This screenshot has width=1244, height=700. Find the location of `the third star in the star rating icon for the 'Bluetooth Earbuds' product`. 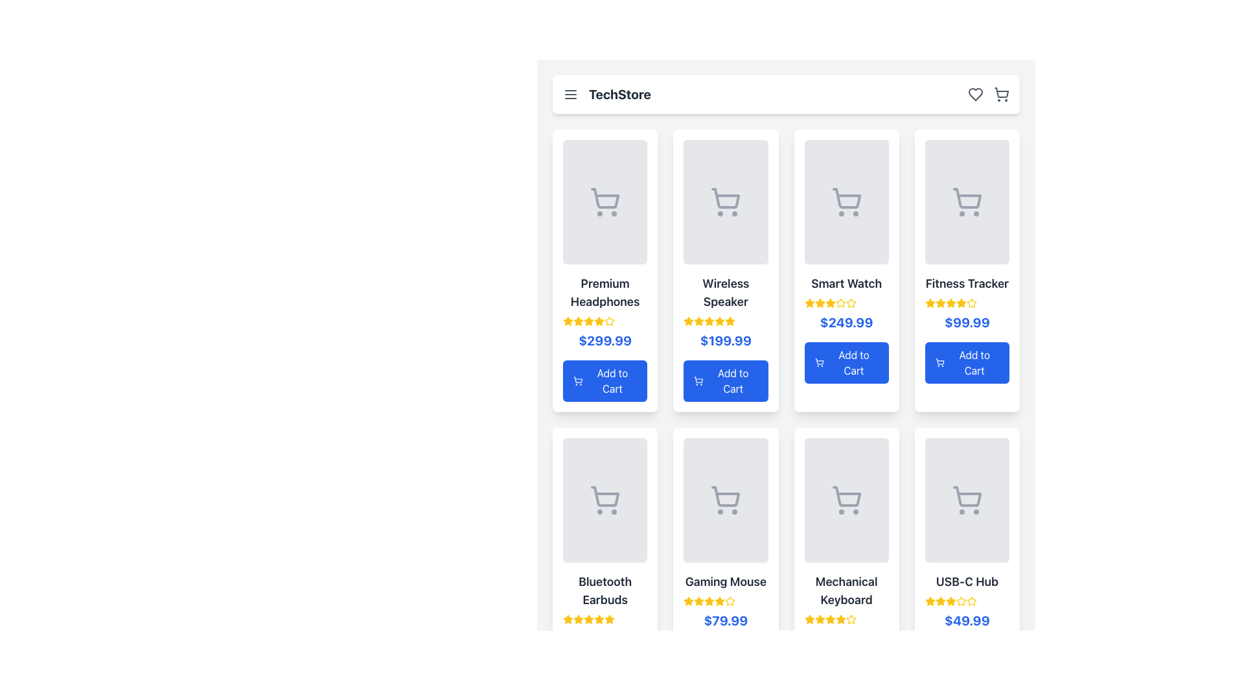

the third star in the star rating icon for the 'Bluetooth Earbuds' product is located at coordinates (599, 618).